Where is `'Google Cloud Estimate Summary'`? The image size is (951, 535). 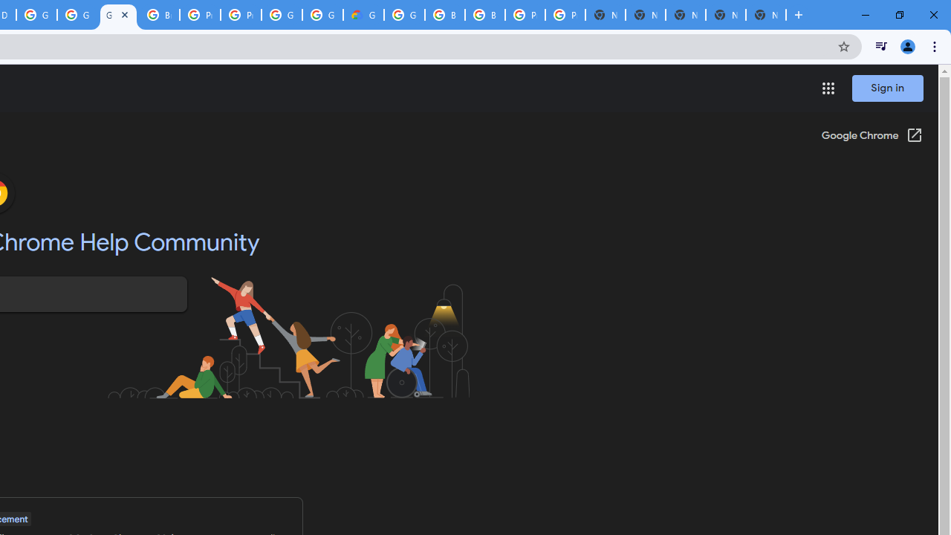 'Google Cloud Estimate Summary' is located at coordinates (363, 15).